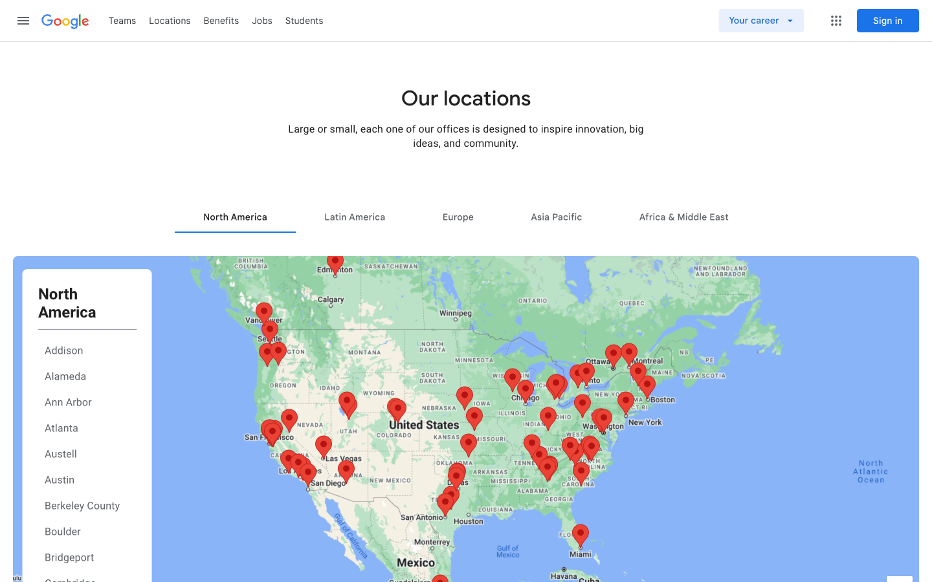 The width and height of the screenshot is (932, 582). I want to click on the page for students, so click(304, 19).